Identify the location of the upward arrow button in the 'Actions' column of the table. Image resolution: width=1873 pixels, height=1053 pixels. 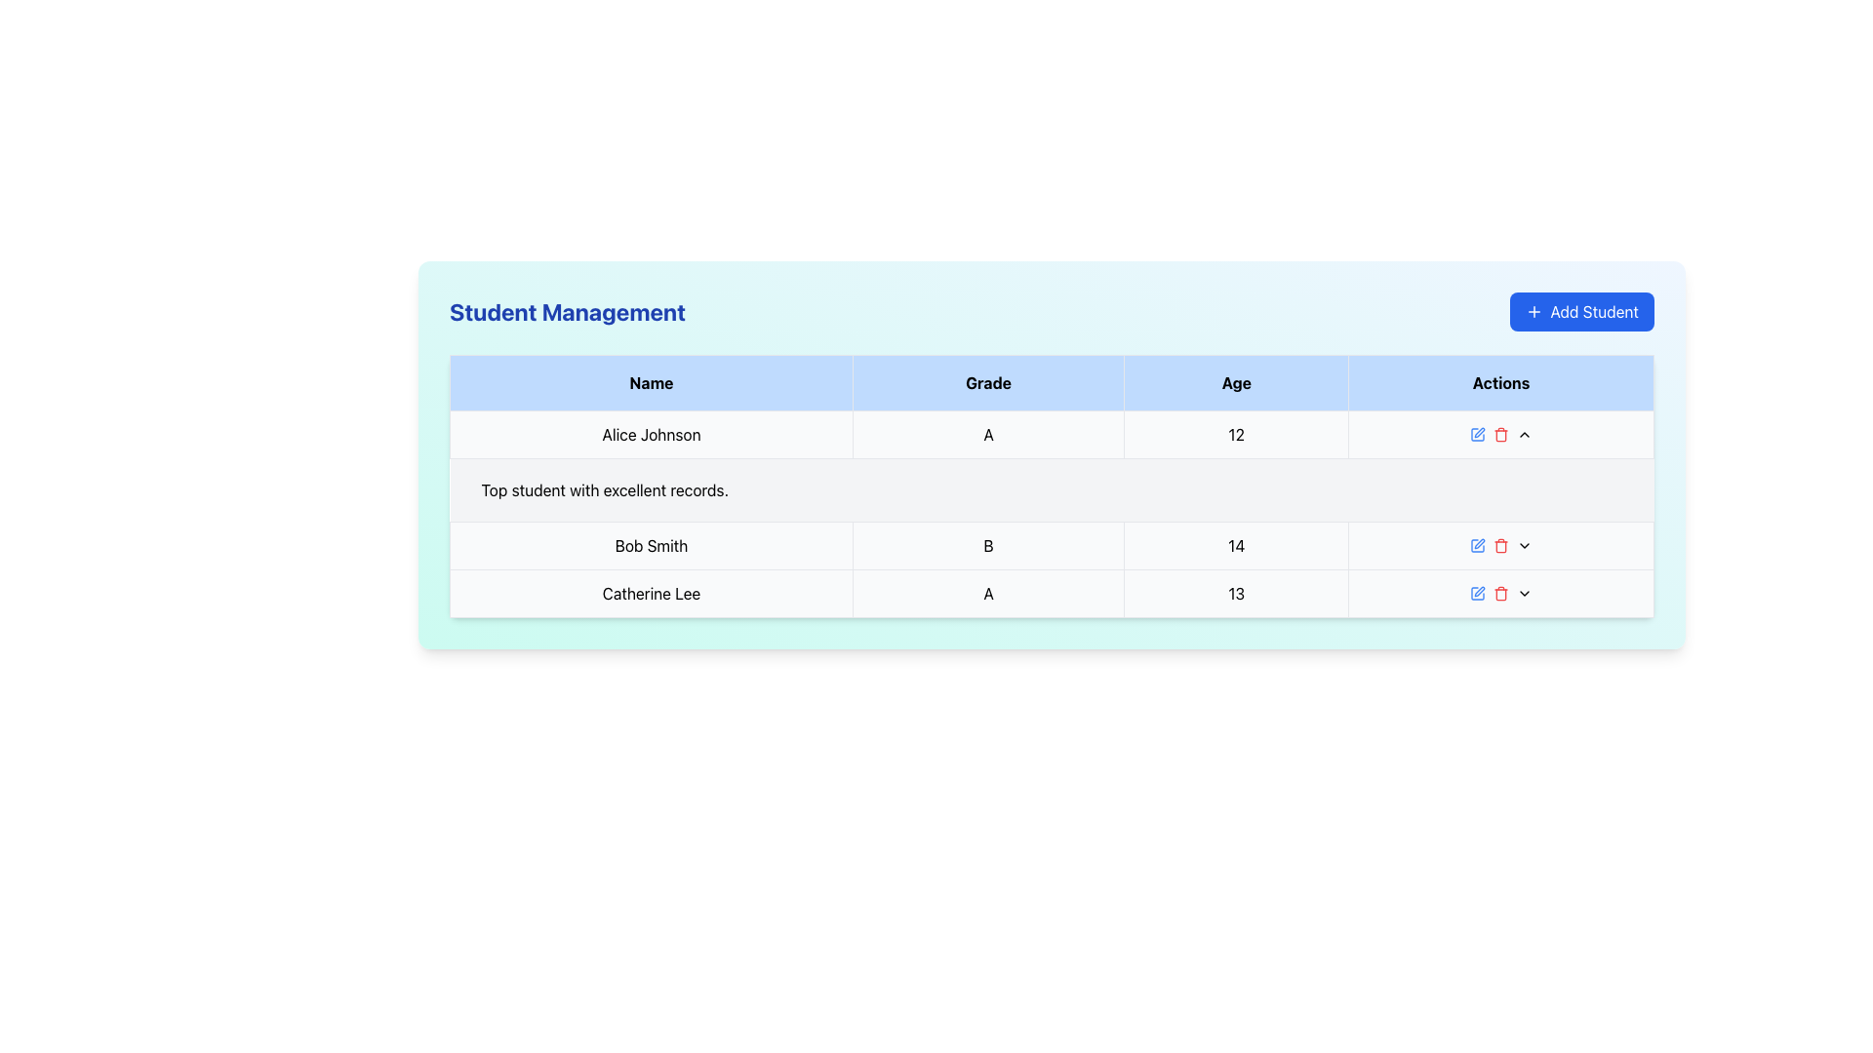
(1524, 434).